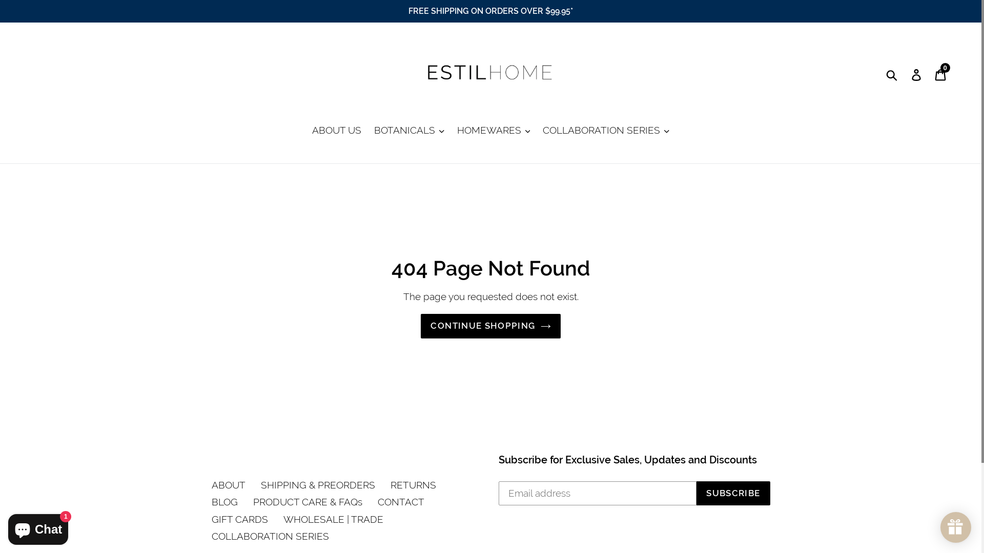 This screenshot has height=553, width=984. Describe the element at coordinates (238, 519) in the screenshot. I see `'GIFT CARDS'` at that location.